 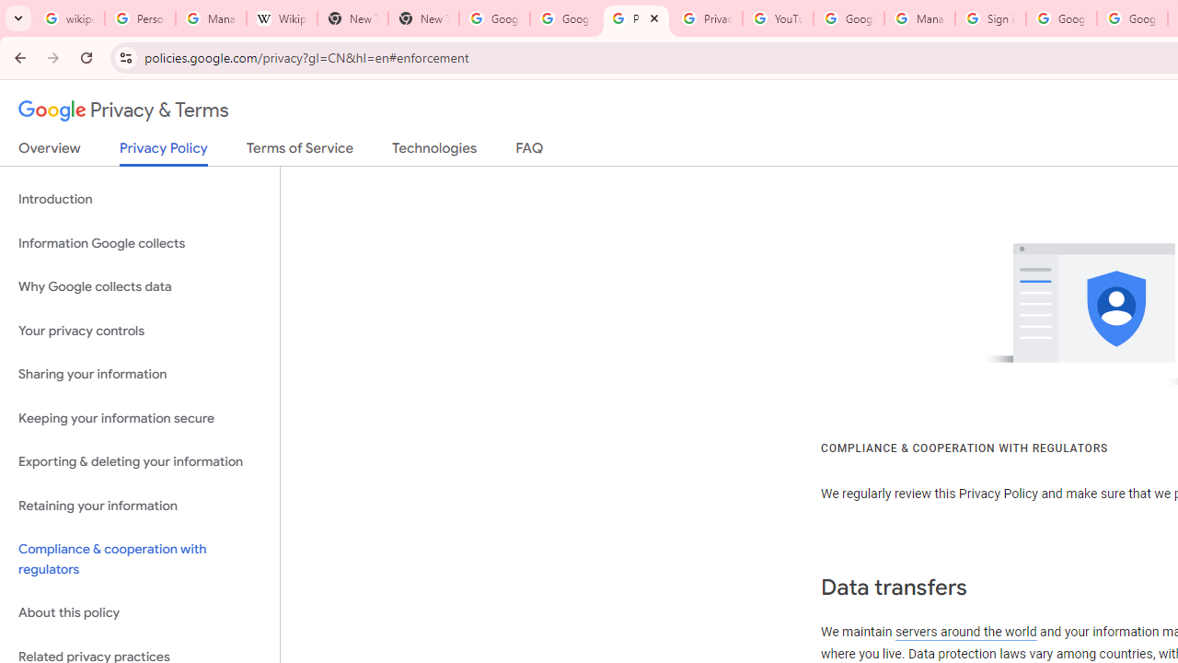 What do you see at coordinates (139, 374) in the screenshot?
I see `'Sharing your information'` at bounding box center [139, 374].